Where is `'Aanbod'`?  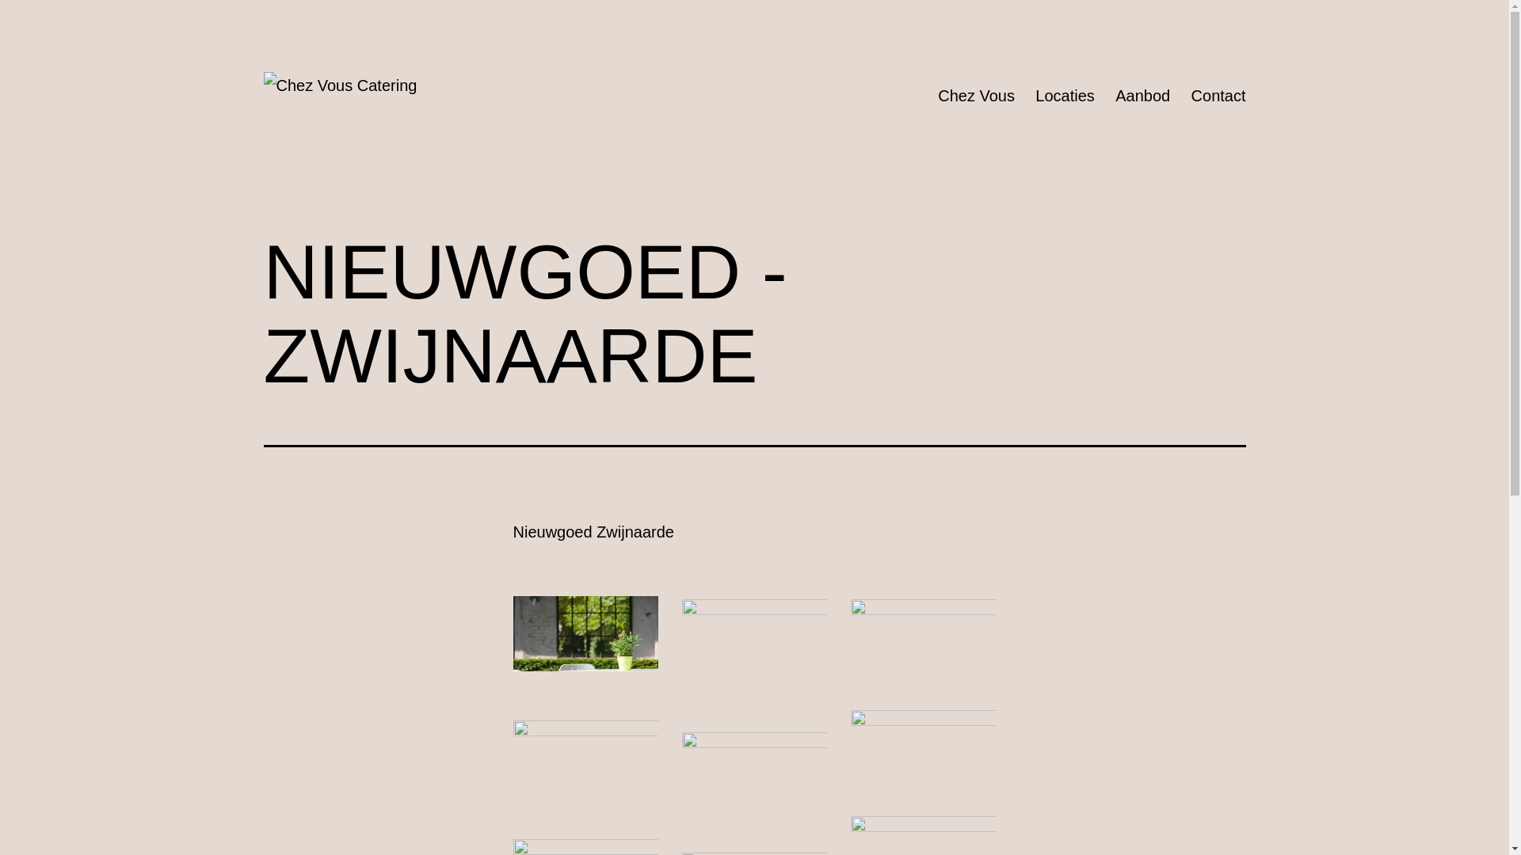
'Aanbod' is located at coordinates (1104, 96).